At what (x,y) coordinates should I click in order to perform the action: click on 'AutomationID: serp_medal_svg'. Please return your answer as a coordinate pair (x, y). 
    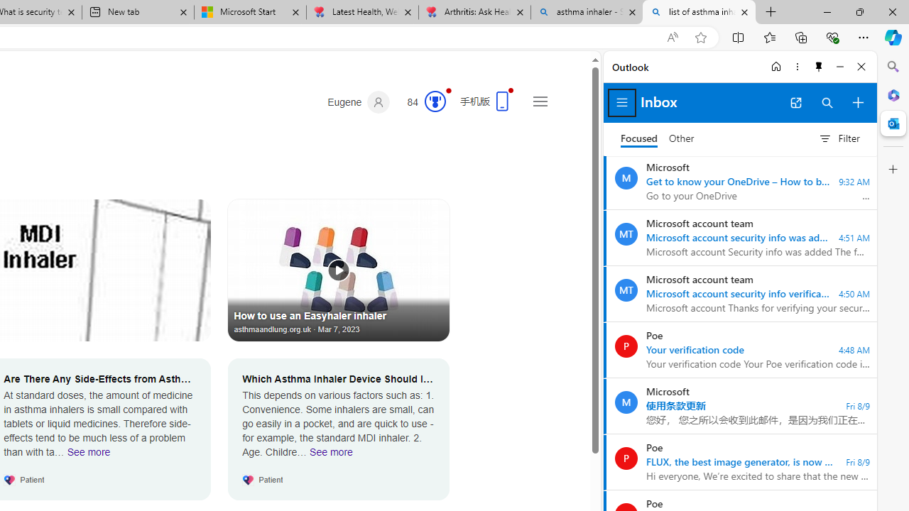
    Looking at the image, I should click on (434, 100).